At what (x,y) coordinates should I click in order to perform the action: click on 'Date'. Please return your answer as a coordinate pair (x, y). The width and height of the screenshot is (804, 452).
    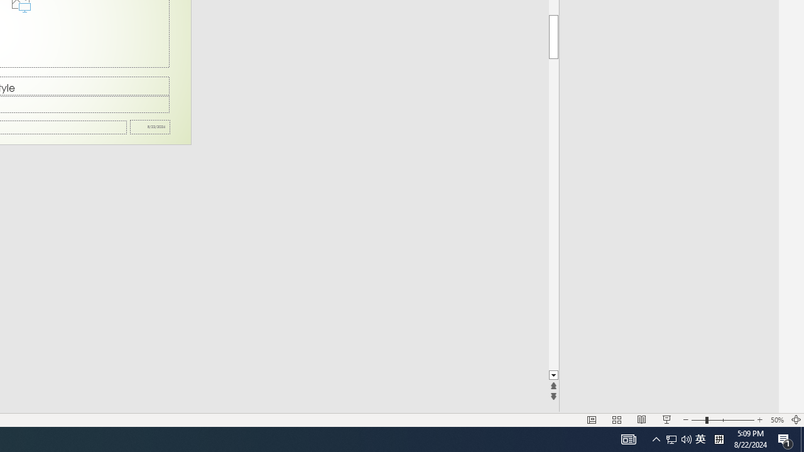
    Looking at the image, I should click on (150, 127).